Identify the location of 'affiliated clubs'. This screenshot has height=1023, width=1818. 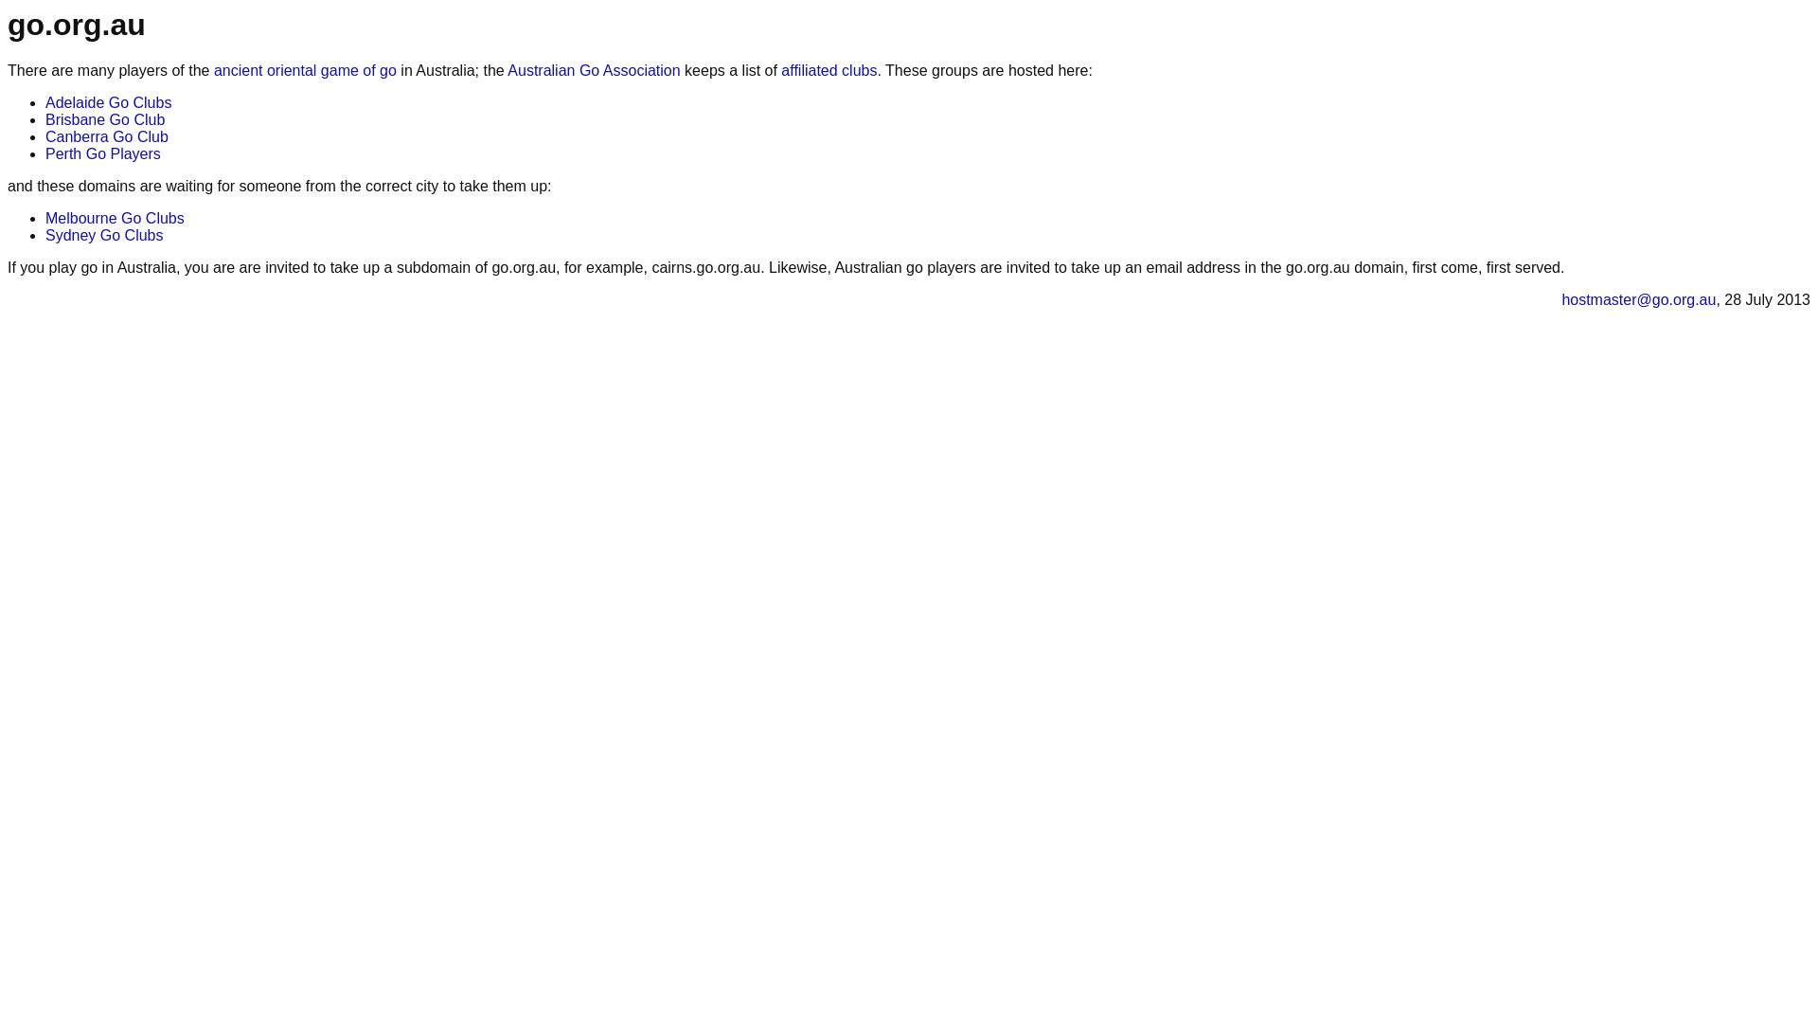
(829, 69).